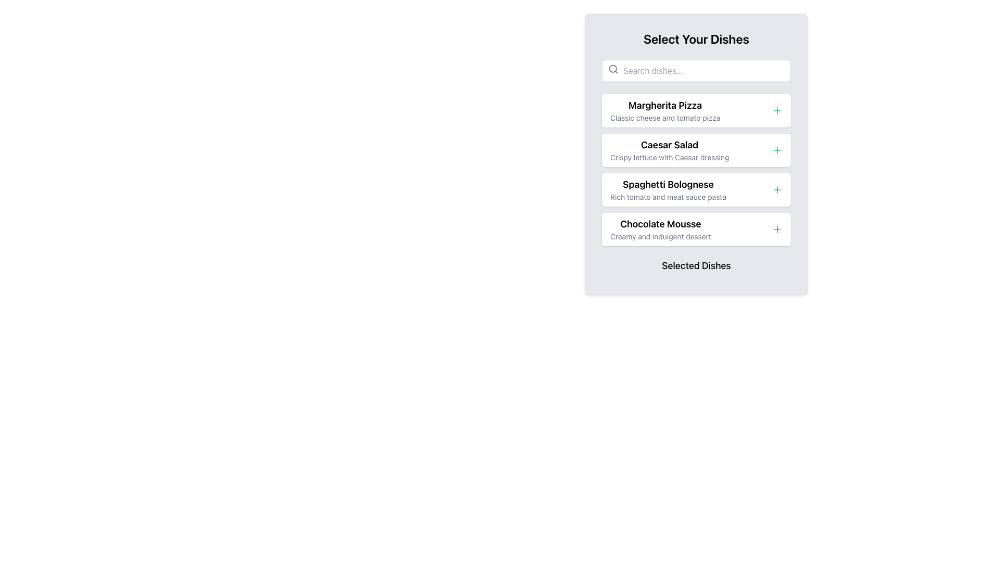 The image size is (999, 562). Describe the element at coordinates (670, 150) in the screenshot. I see `the text display element that provides information about the second dish option, located below 'Margherita Pizza' and above 'Spaghetti Bolognese'` at that location.